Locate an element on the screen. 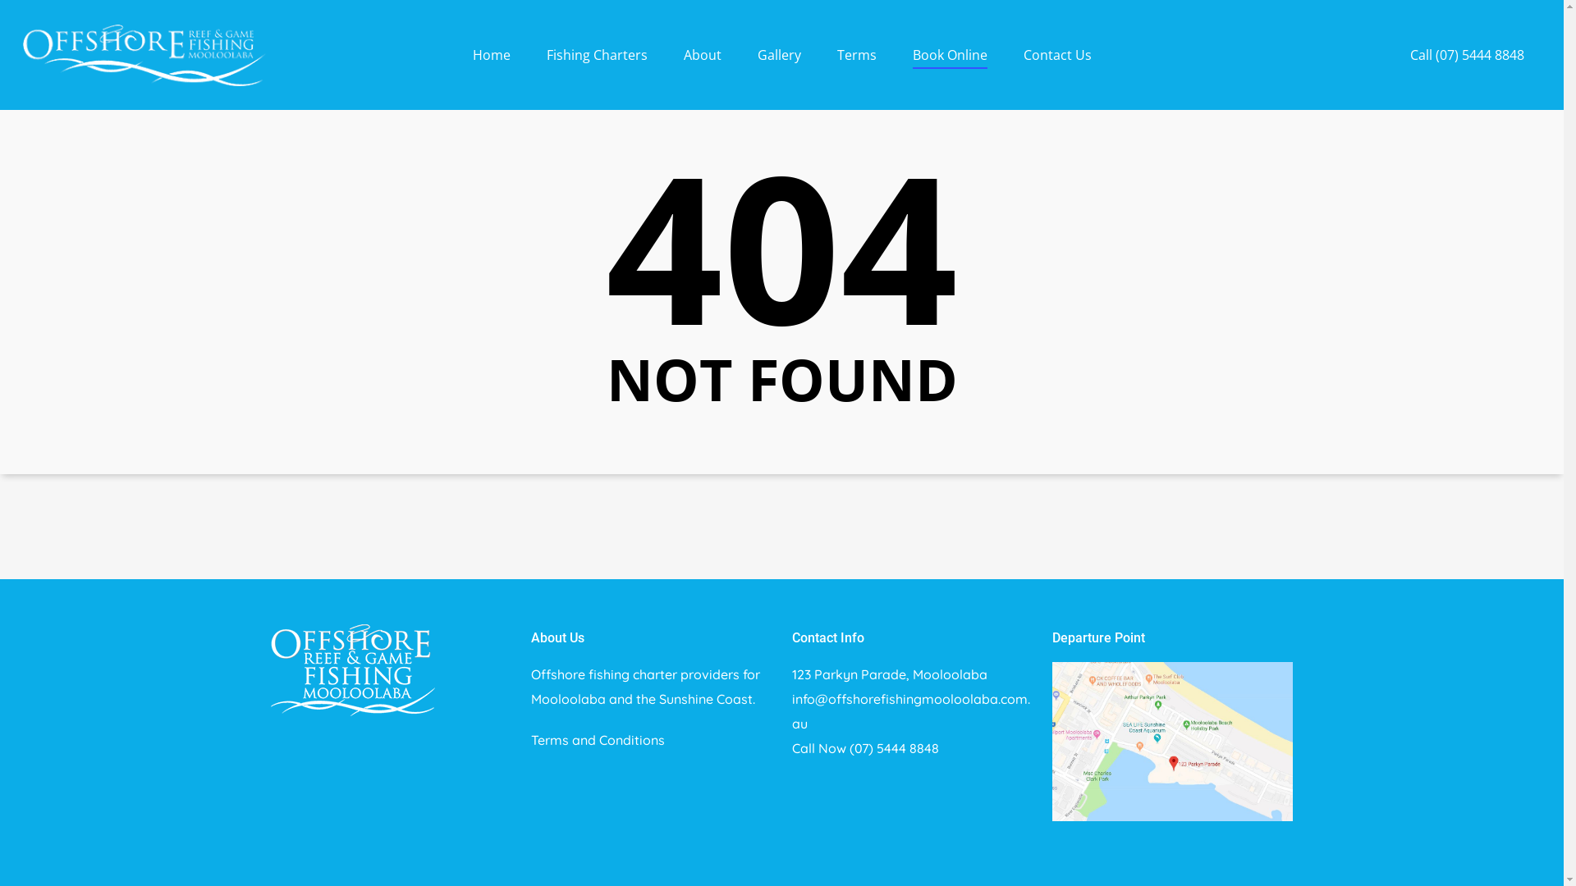  'Call Now (07) 5444 8848' is located at coordinates (864, 747).